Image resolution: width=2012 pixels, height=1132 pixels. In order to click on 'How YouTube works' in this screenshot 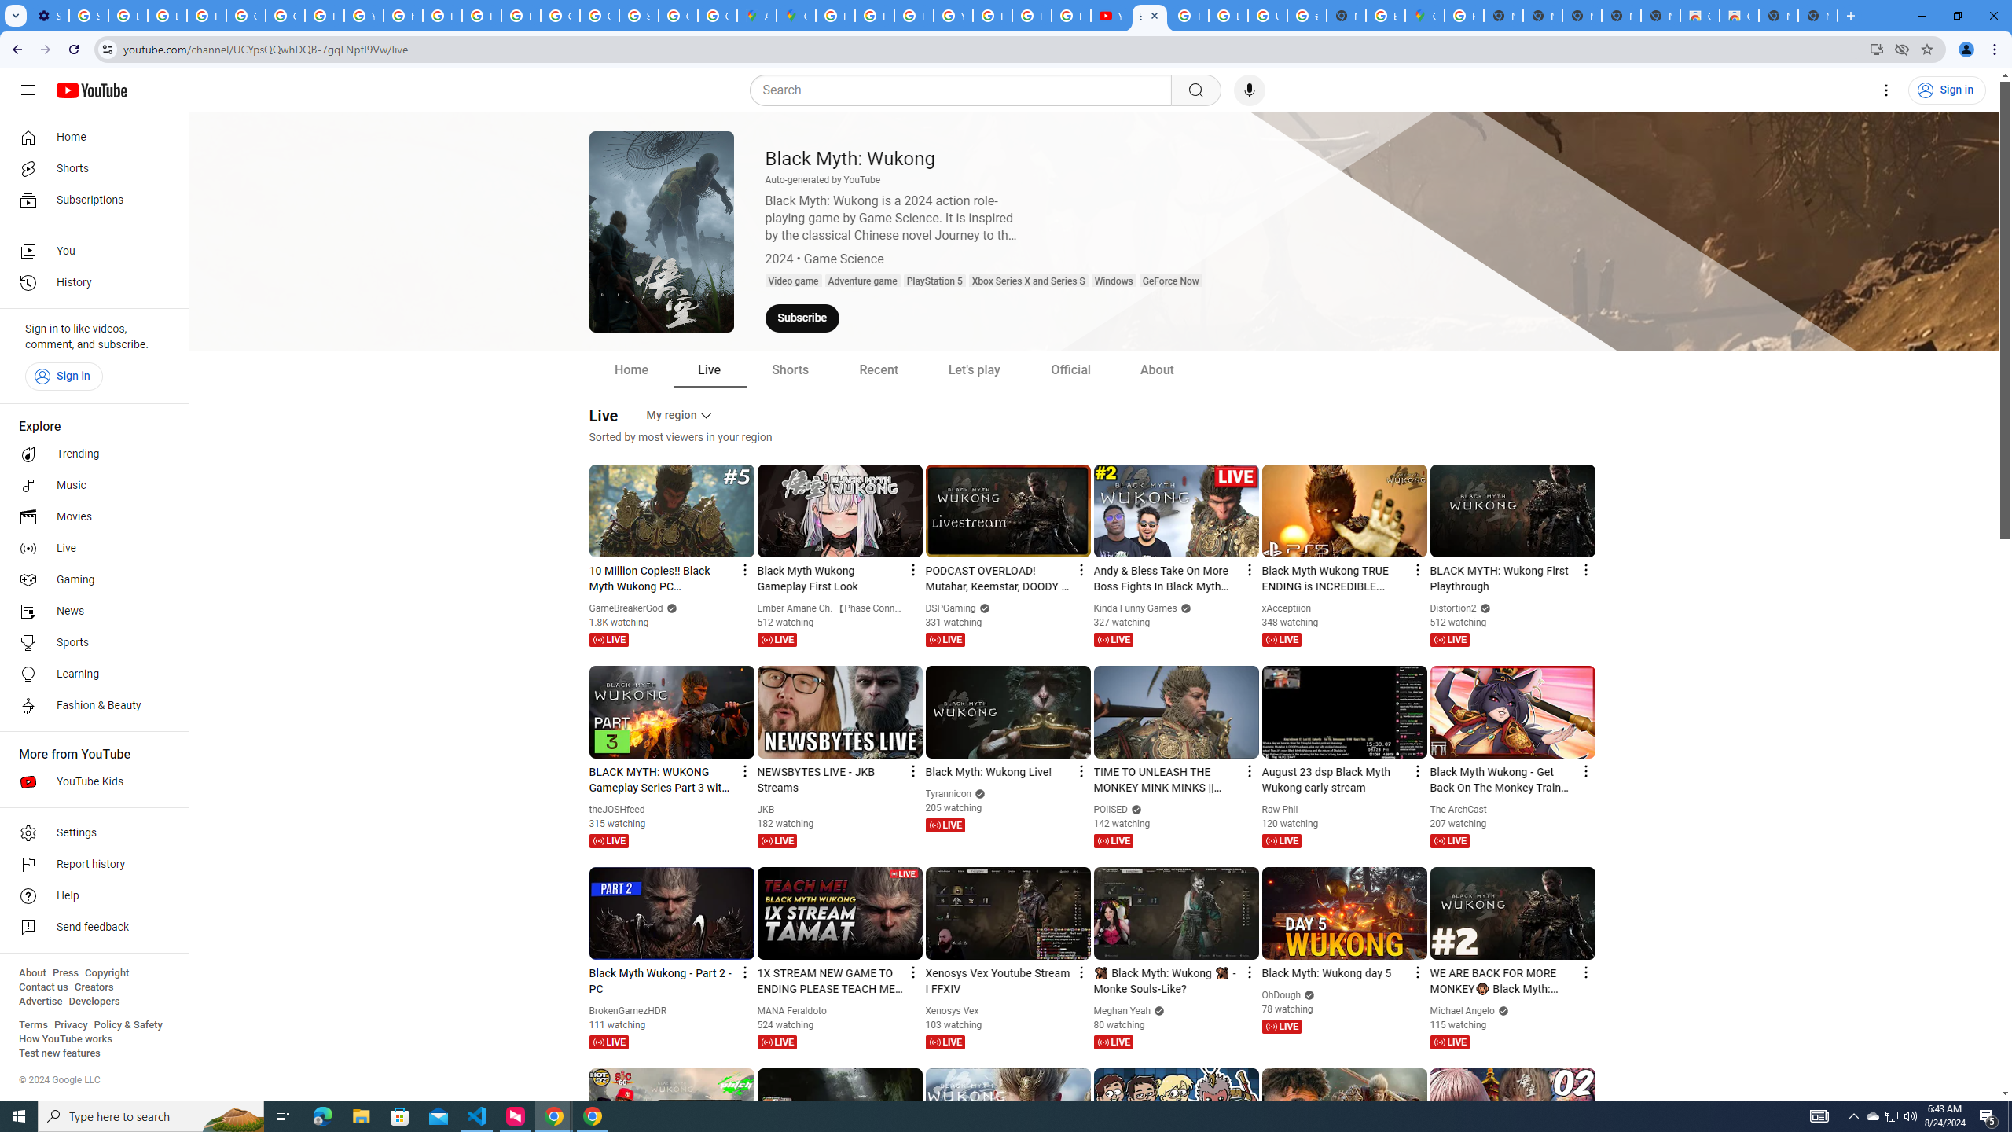, I will do `click(64, 1038)`.